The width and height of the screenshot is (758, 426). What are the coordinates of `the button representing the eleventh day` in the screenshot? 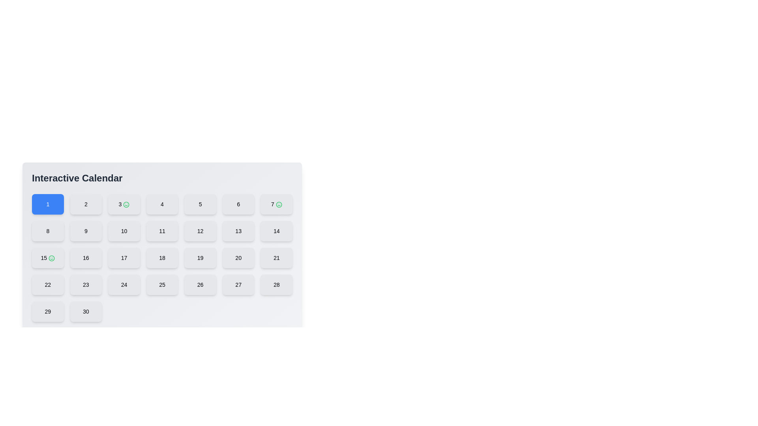 It's located at (162, 231).